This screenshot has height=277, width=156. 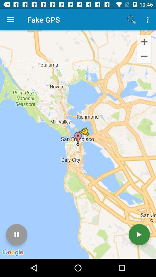 What do you see at coordinates (10, 20) in the screenshot?
I see `item to the left of the fake gps item` at bounding box center [10, 20].